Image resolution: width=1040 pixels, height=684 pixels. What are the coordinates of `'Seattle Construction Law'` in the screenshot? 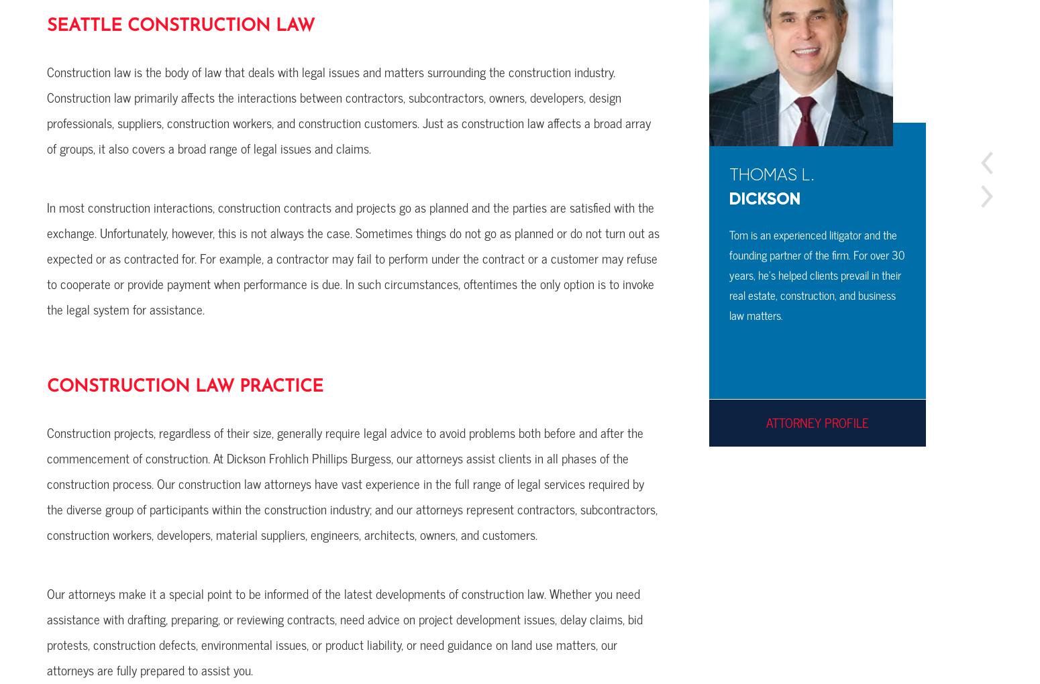 It's located at (180, 25).